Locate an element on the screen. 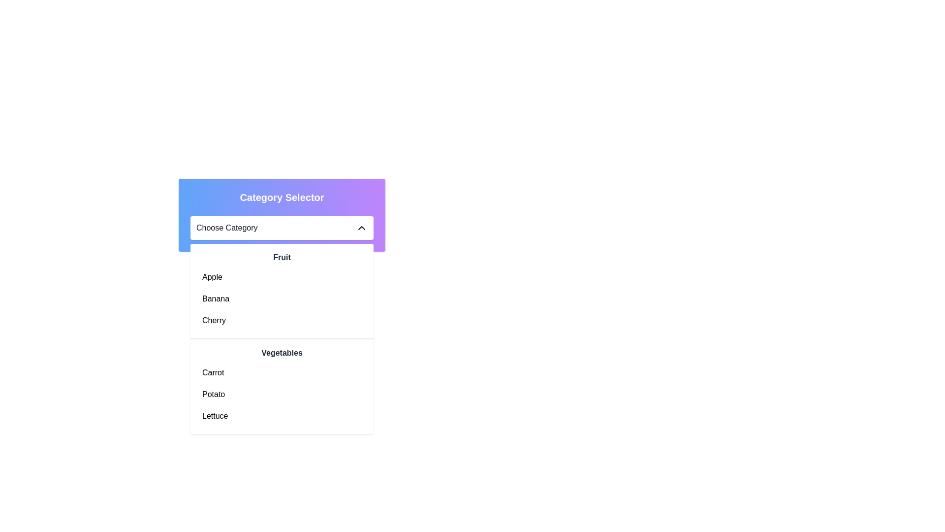 This screenshot has width=945, height=532. to select the 'Lettuce' item from the vertical list labeled 'Vegetables', positioned third after 'Carrot' and 'Potato' is located at coordinates (281, 416).